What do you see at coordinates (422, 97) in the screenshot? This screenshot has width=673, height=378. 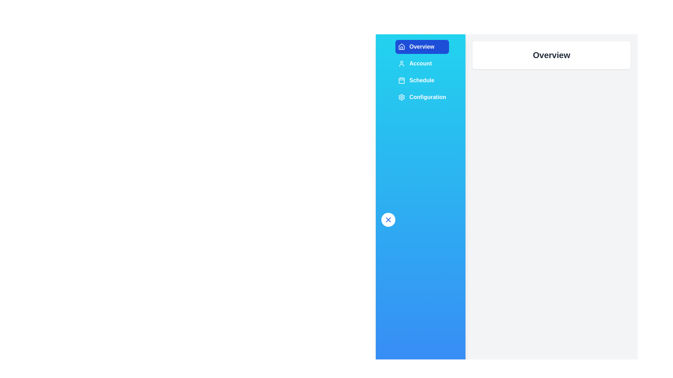 I see `the section Configuration in the sidebar` at bounding box center [422, 97].